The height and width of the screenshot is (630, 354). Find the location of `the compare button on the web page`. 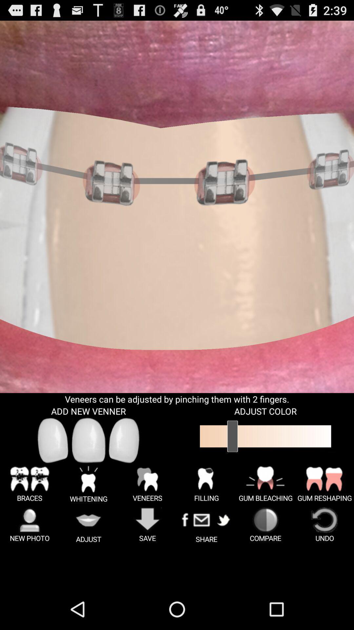

the compare button on the web page is located at coordinates (265, 525).